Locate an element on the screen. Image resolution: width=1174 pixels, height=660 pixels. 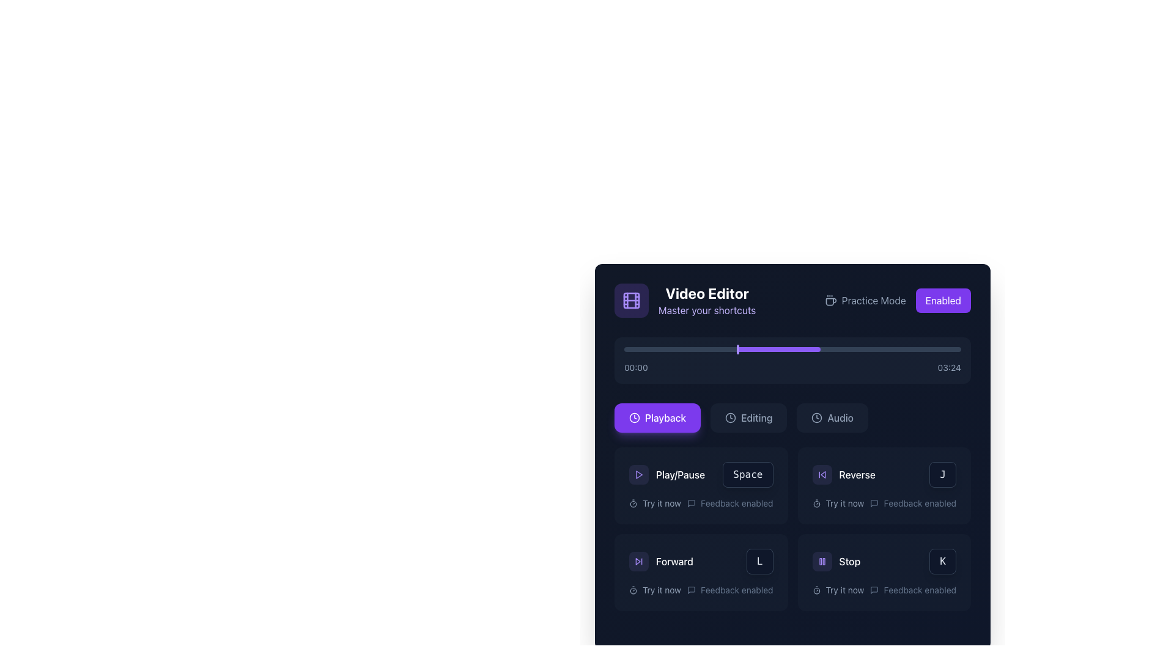
the informational text label encouraging users to 'try it now', located below the 'Play/Pause' button in the playback section is located at coordinates (661, 504).